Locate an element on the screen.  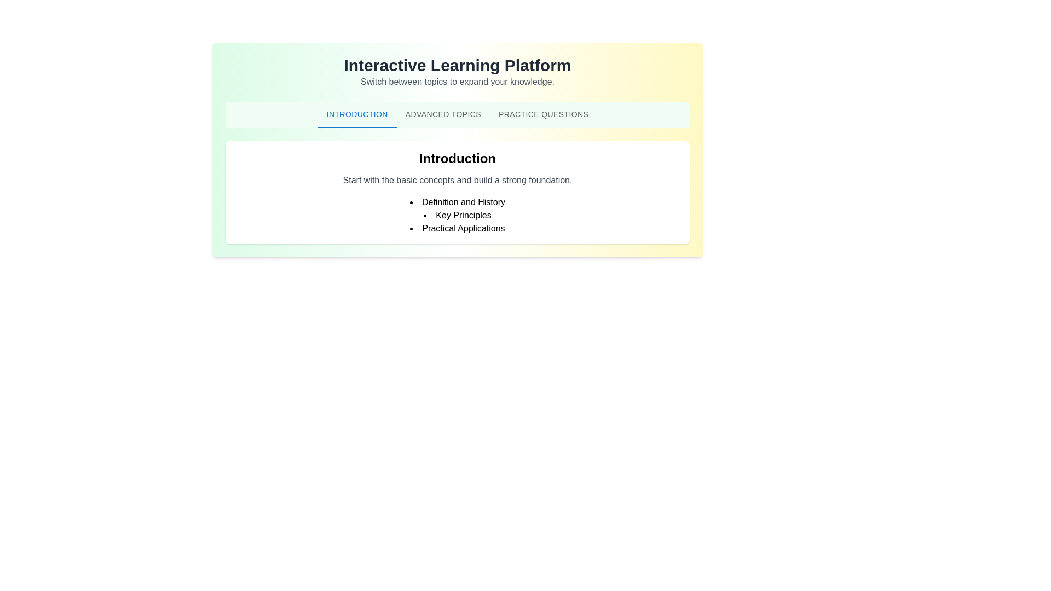
the 'Advanced Topics' tab is located at coordinates (443, 114).